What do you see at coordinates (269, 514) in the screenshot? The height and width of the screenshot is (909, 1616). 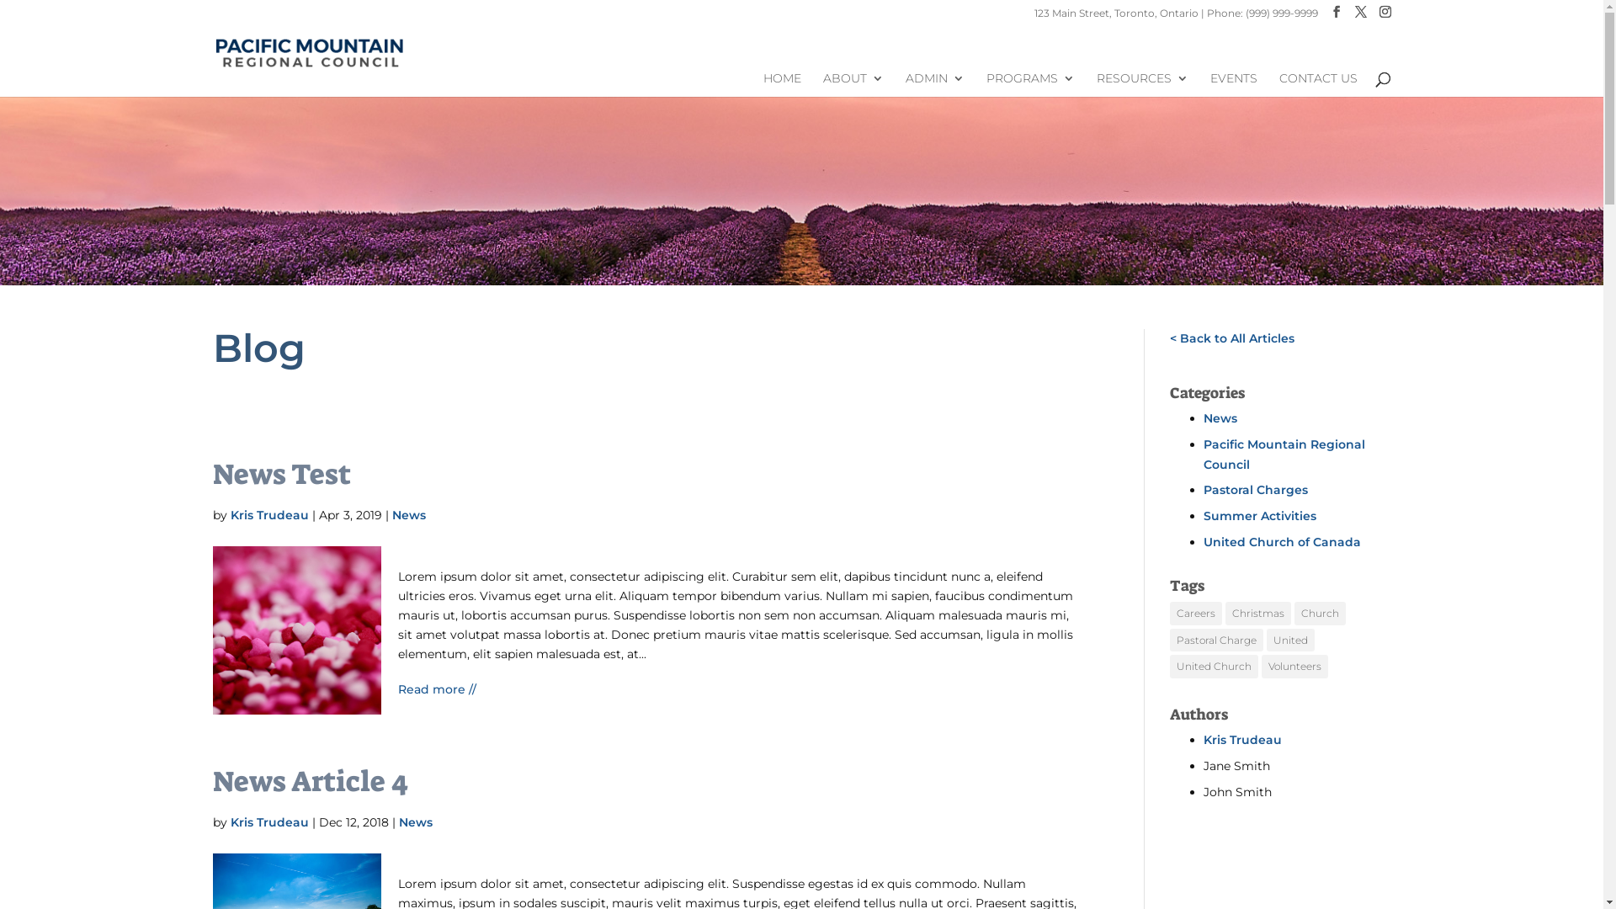 I see `'Kris Trudeau'` at bounding box center [269, 514].